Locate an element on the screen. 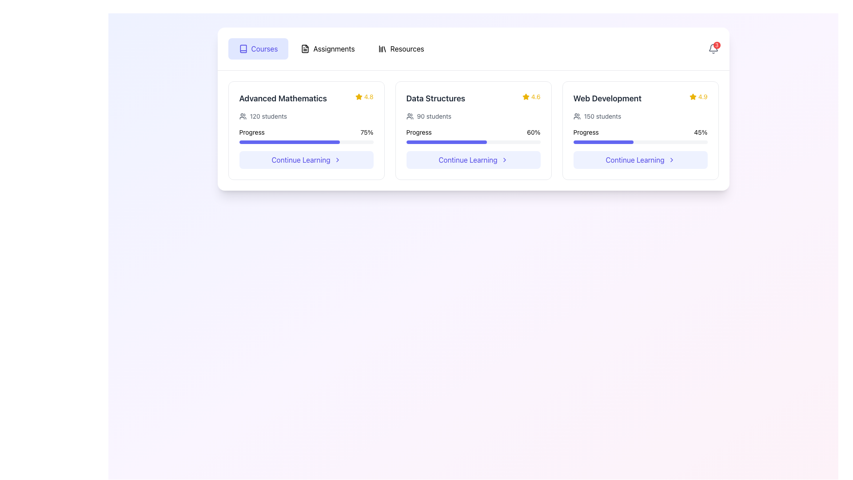 The width and height of the screenshot is (853, 480). the 'Continue Learning' button which contains a rightward-pointing chevron icon, located in the bottom section of the 'Advanced Mathematics' card is located at coordinates (337, 159).